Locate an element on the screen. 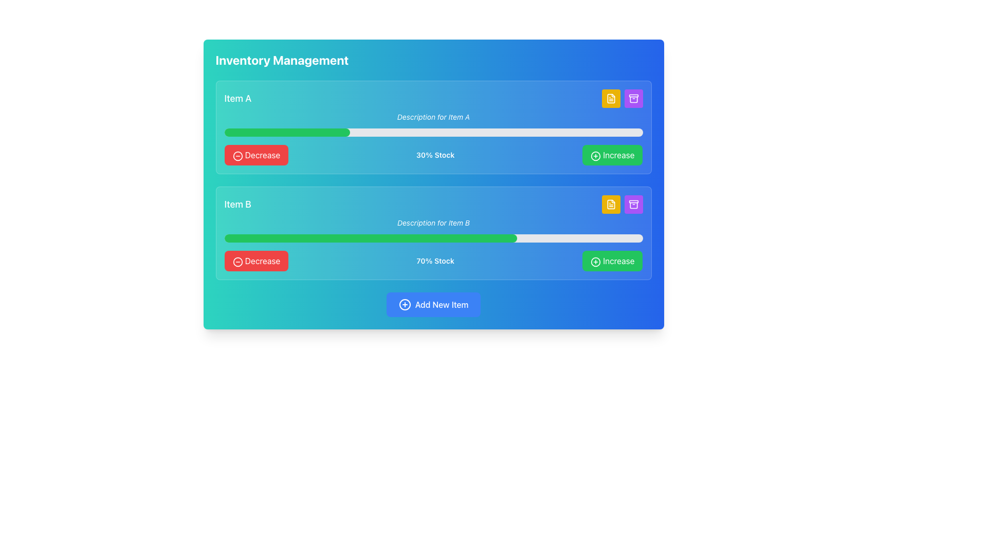 The image size is (987, 555). the 'Increase' button located is located at coordinates (612, 261).